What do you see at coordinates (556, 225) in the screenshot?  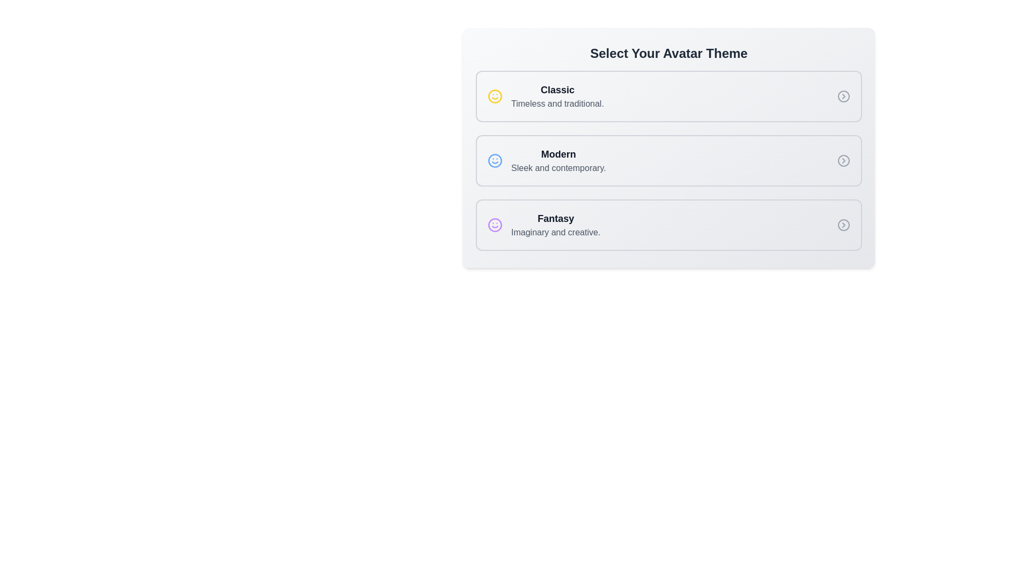 I see `the Text label displaying the title and subtitle for the 'Fantasy' avatar theme option, which is located in the last card of a vertical list of options` at bounding box center [556, 225].